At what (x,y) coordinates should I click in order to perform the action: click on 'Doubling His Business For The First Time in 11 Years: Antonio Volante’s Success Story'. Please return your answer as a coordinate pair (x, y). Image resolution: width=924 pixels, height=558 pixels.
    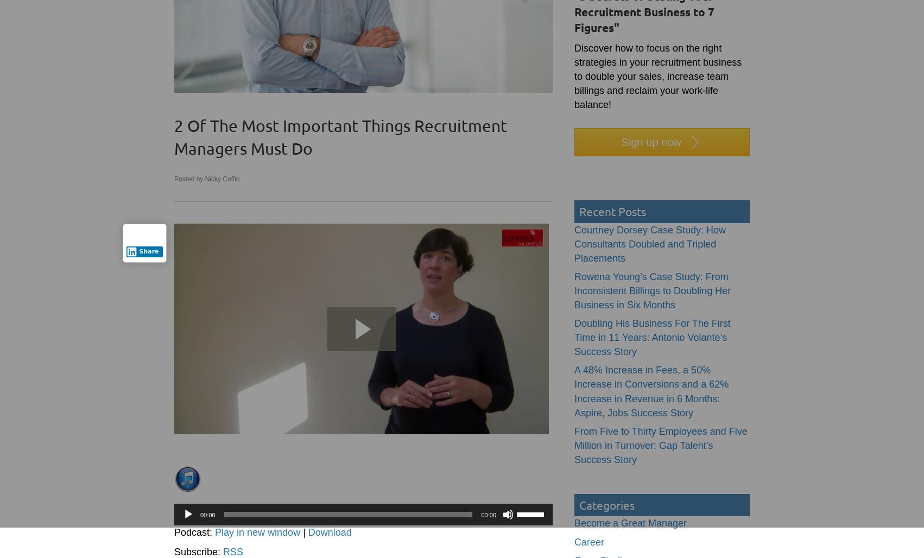
    Looking at the image, I should click on (652, 337).